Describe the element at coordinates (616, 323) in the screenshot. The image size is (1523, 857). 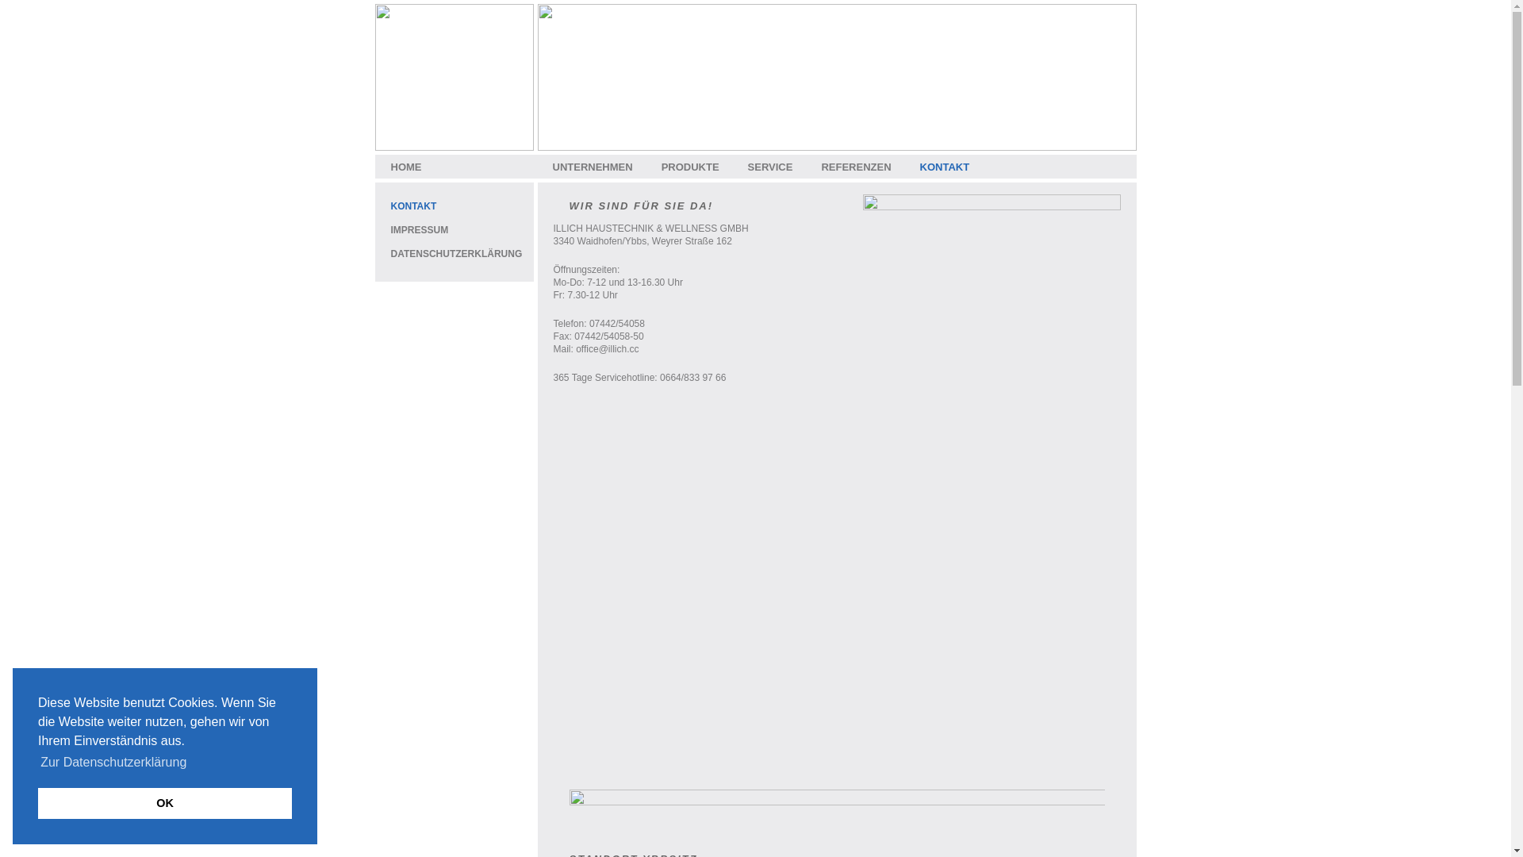
I see `'07442/54058'` at that location.